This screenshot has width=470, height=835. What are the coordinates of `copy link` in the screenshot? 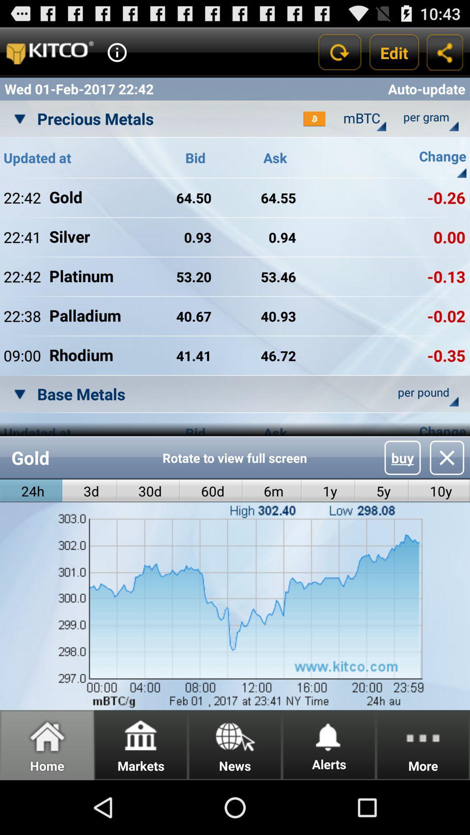 It's located at (445, 52).